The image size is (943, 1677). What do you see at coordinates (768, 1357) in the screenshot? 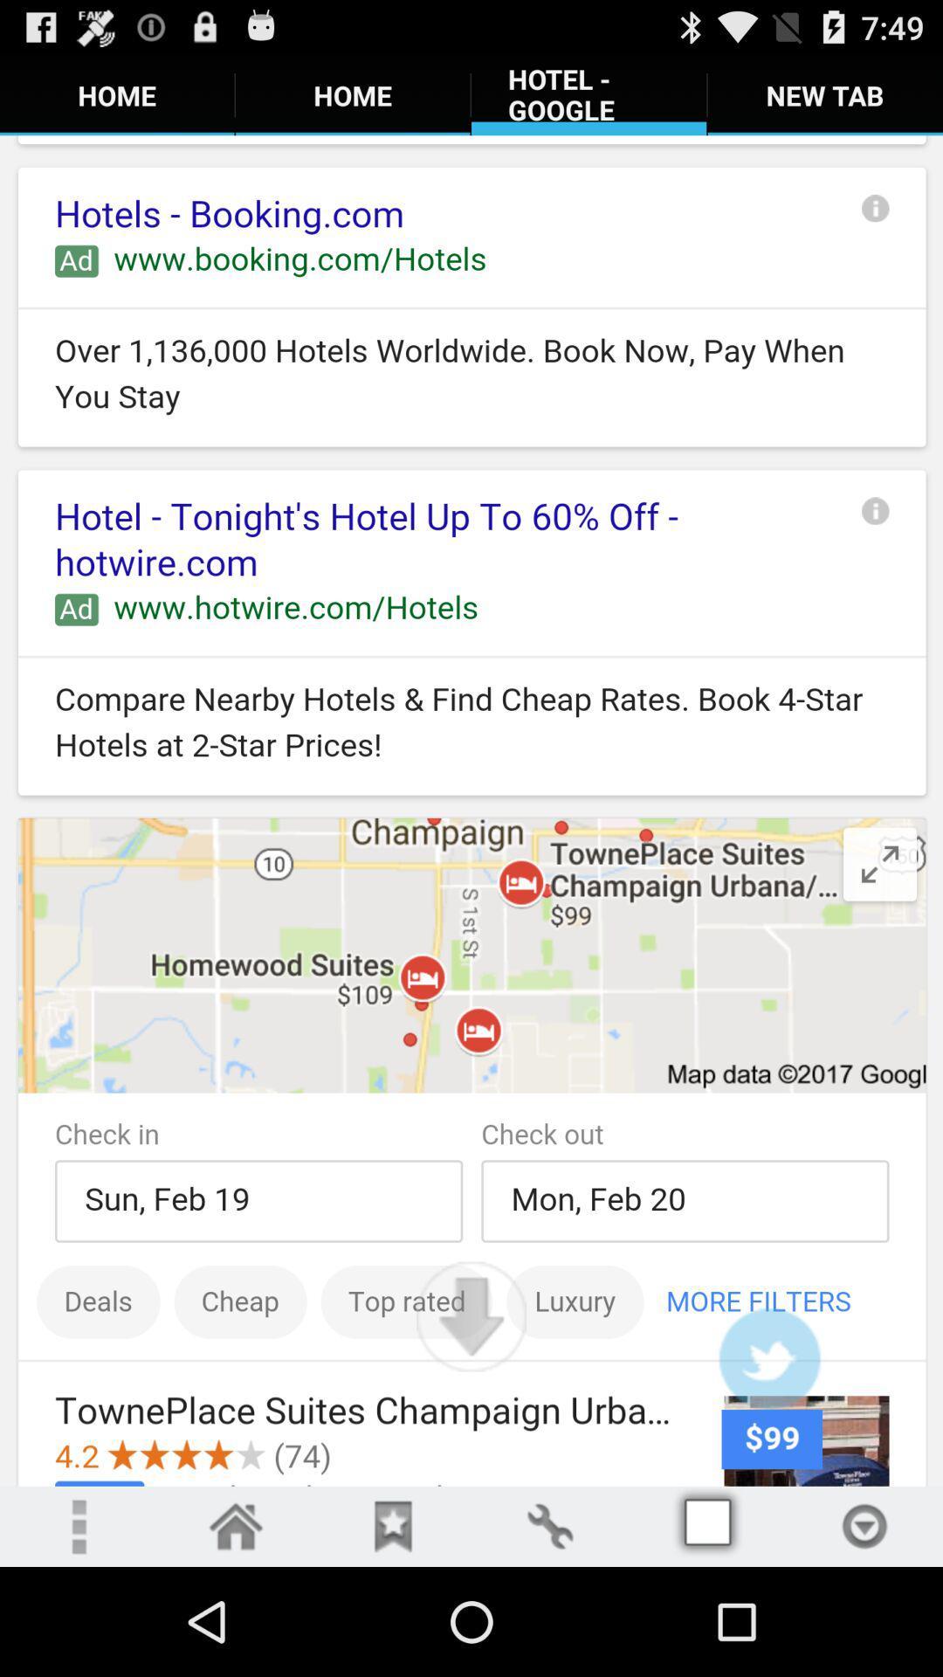
I see `twitter user` at bounding box center [768, 1357].